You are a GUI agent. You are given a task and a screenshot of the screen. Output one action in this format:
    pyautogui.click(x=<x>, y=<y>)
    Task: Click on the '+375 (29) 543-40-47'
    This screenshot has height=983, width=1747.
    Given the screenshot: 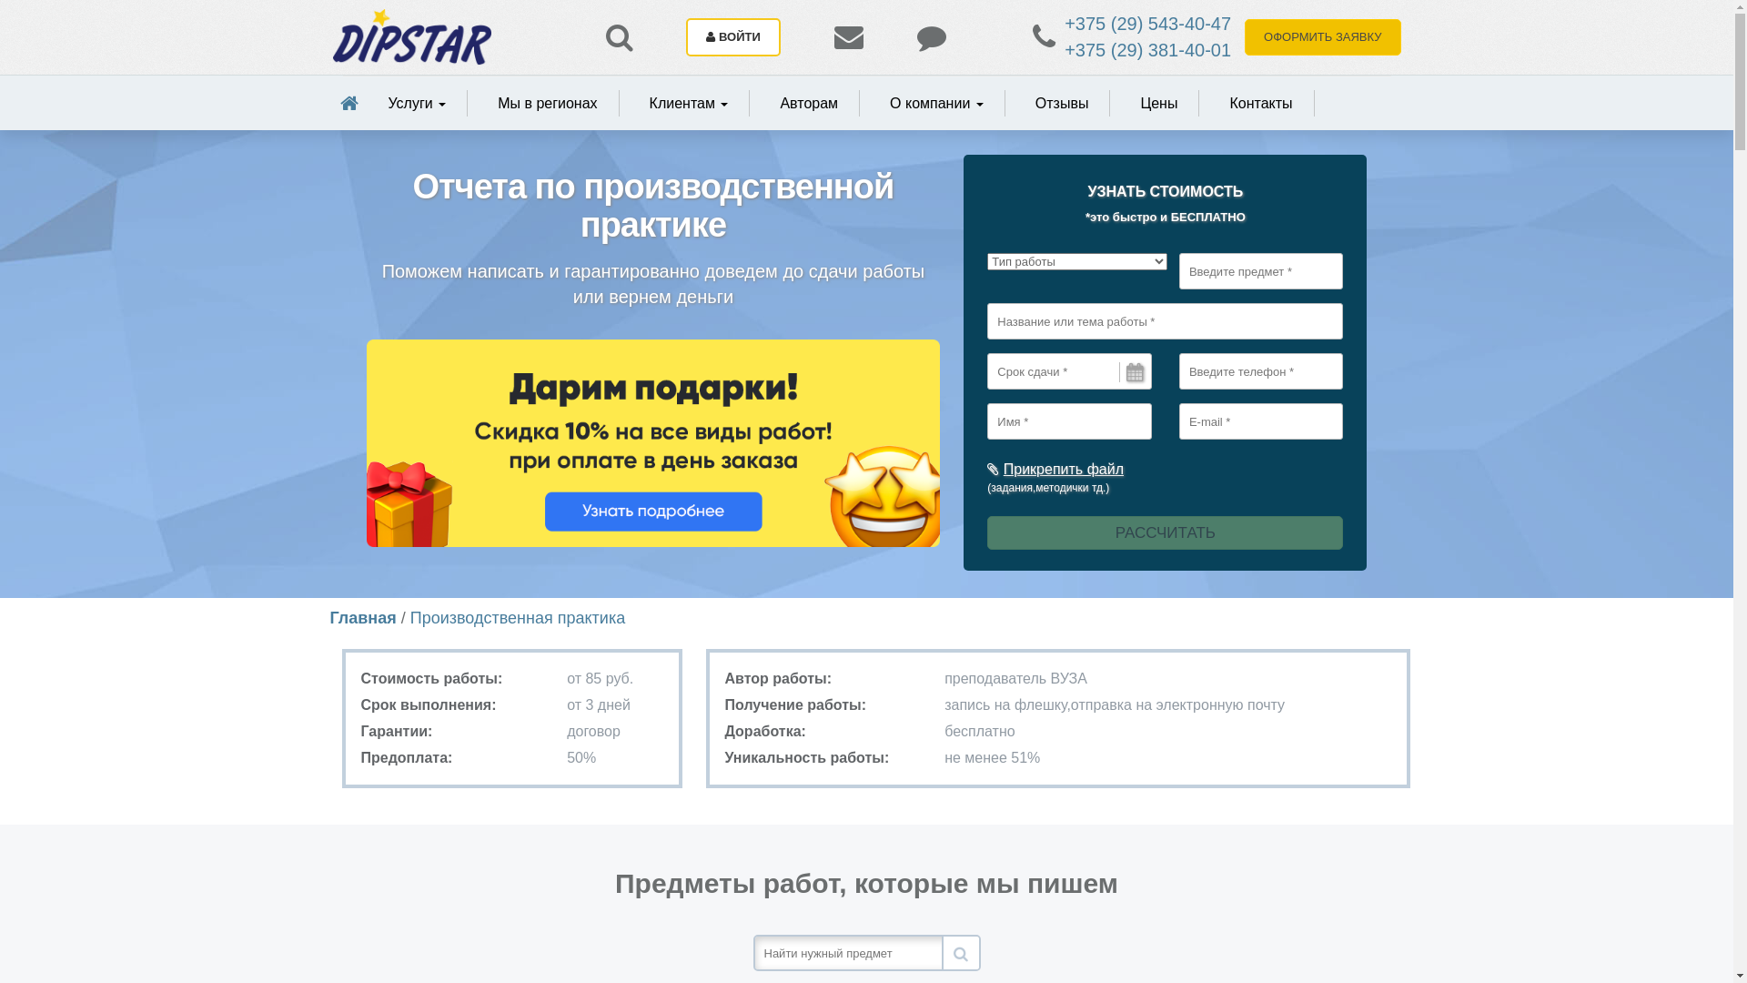 What is the action you would take?
    pyautogui.click(x=1146, y=24)
    